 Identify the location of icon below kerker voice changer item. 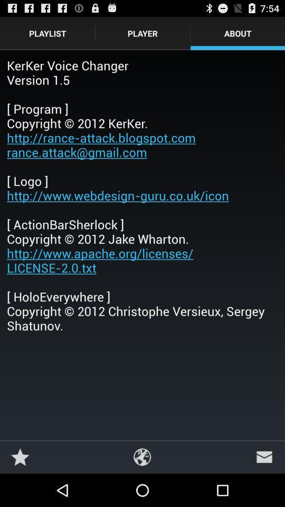
(142, 456).